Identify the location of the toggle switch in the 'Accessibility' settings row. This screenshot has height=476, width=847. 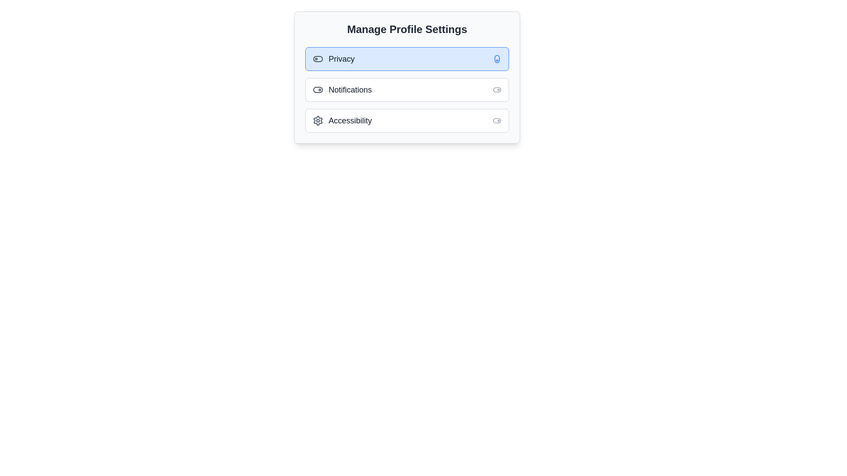
(497, 120).